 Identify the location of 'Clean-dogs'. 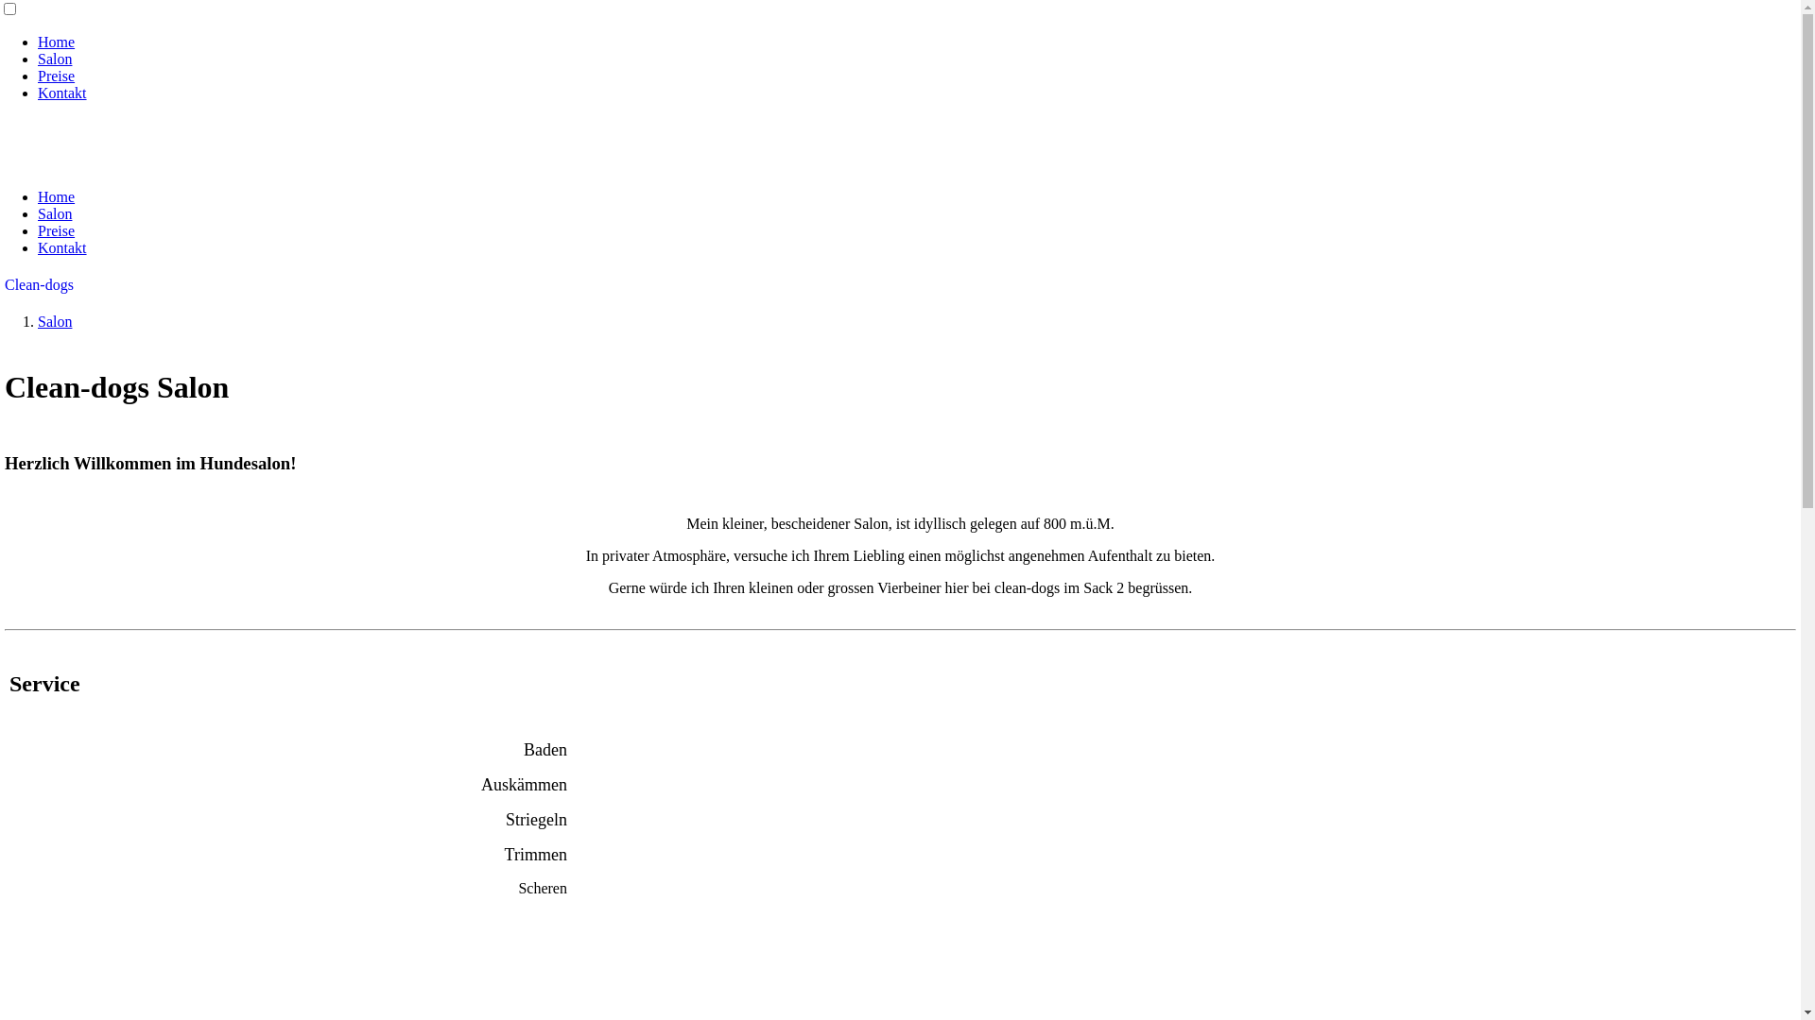
(39, 284).